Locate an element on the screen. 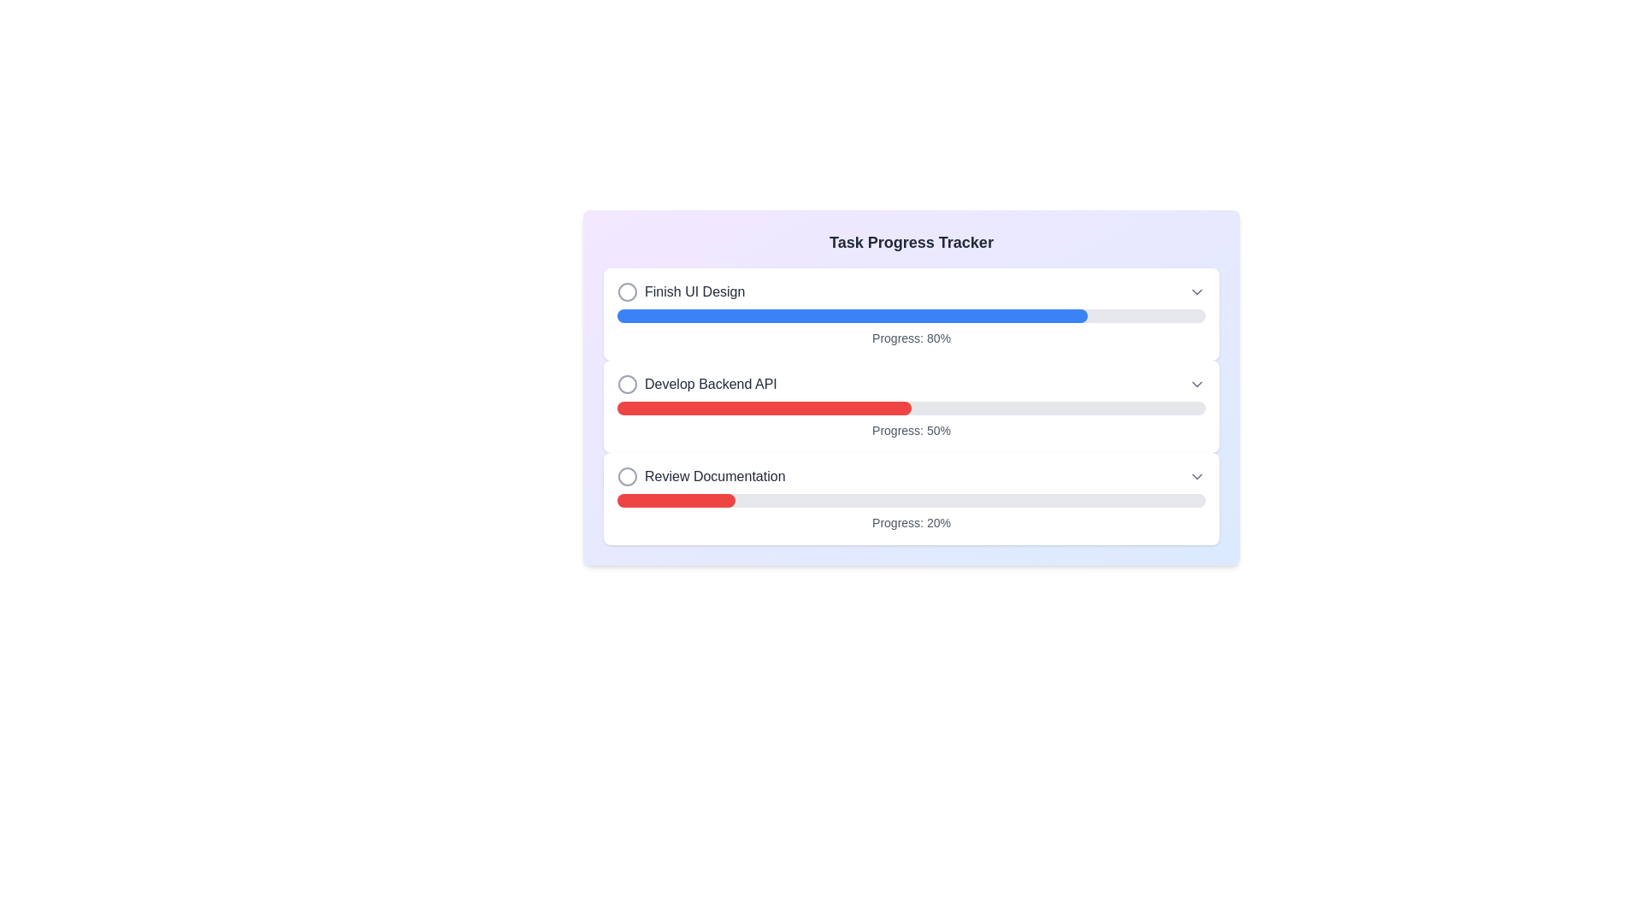  the 'Finish UI Design' task label is located at coordinates (680, 291).